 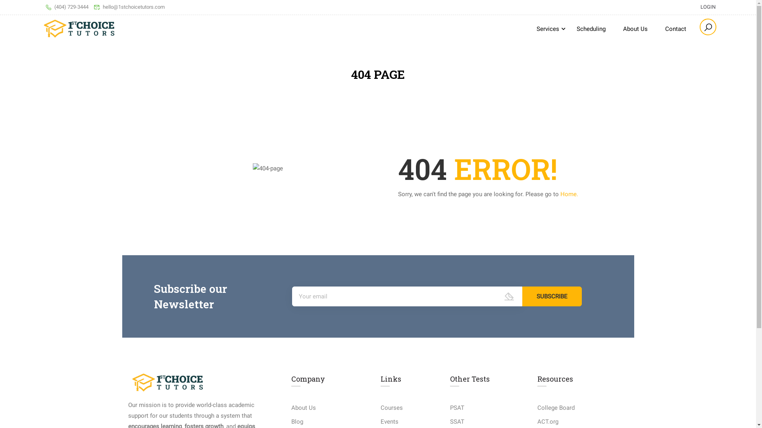 I want to click on 'About Us', so click(x=635, y=28).